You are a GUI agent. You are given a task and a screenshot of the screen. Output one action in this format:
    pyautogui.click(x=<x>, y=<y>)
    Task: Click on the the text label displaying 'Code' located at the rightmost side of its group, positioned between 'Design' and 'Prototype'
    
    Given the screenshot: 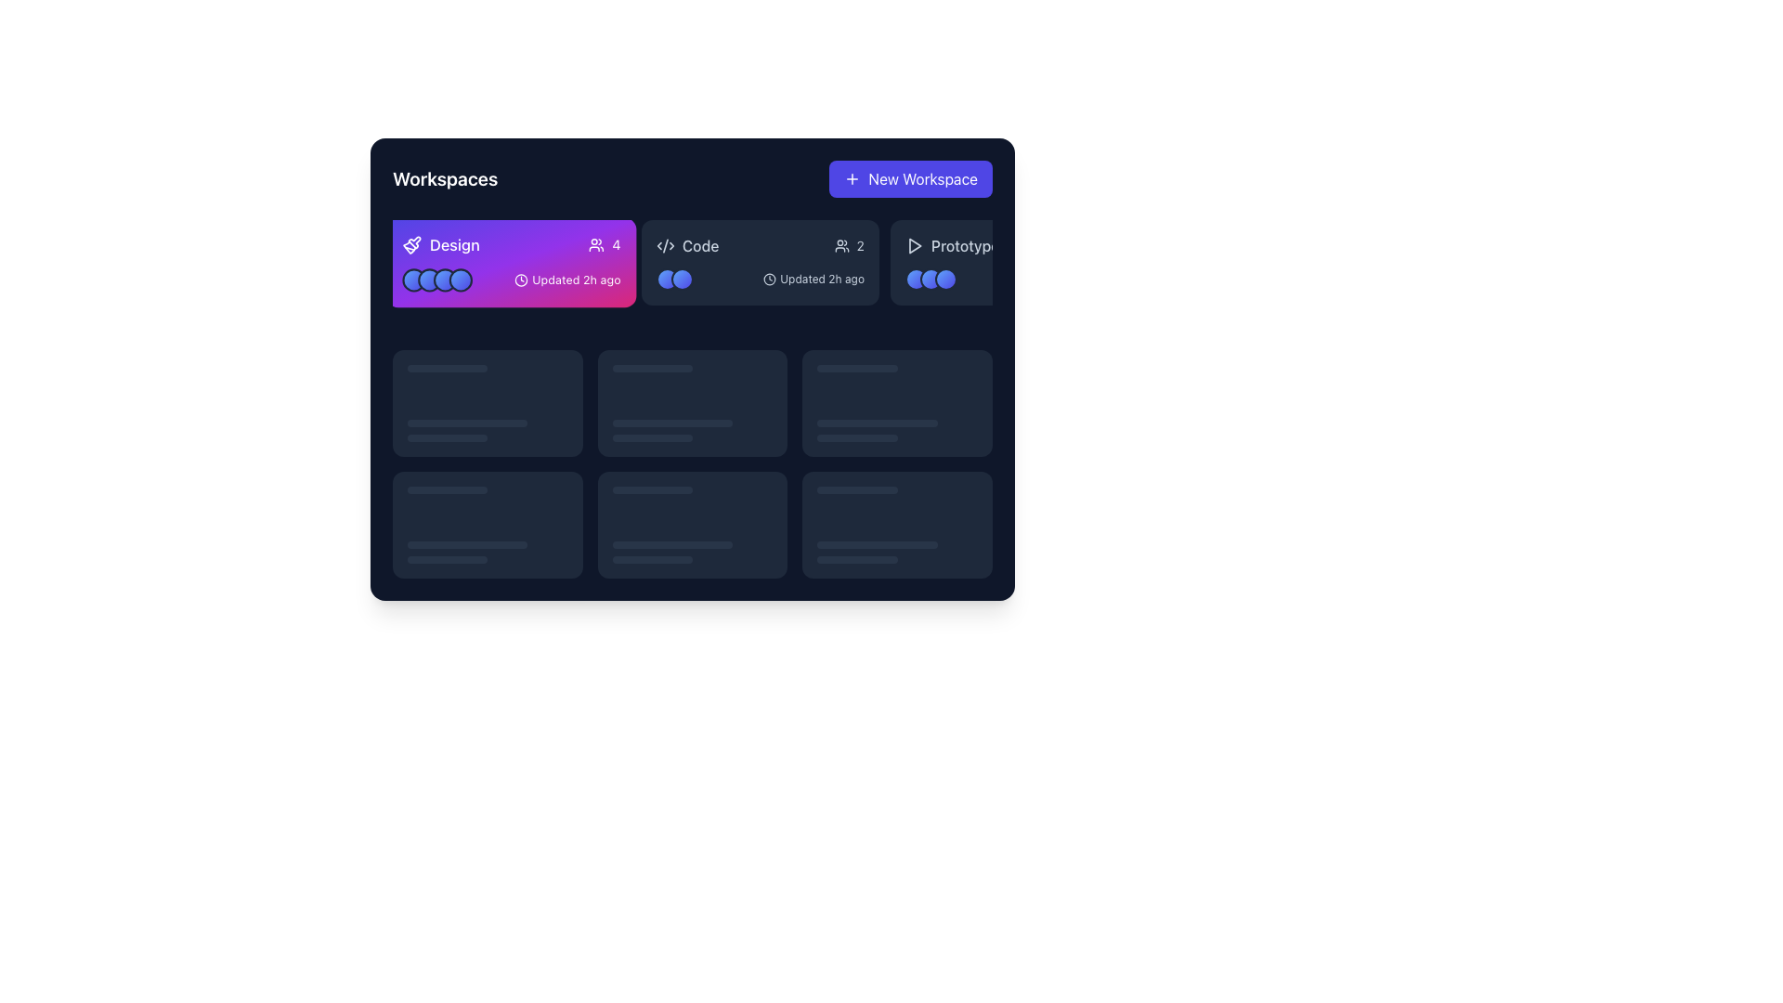 What is the action you would take?
    pyautogui.click(x=699, y=245)
    